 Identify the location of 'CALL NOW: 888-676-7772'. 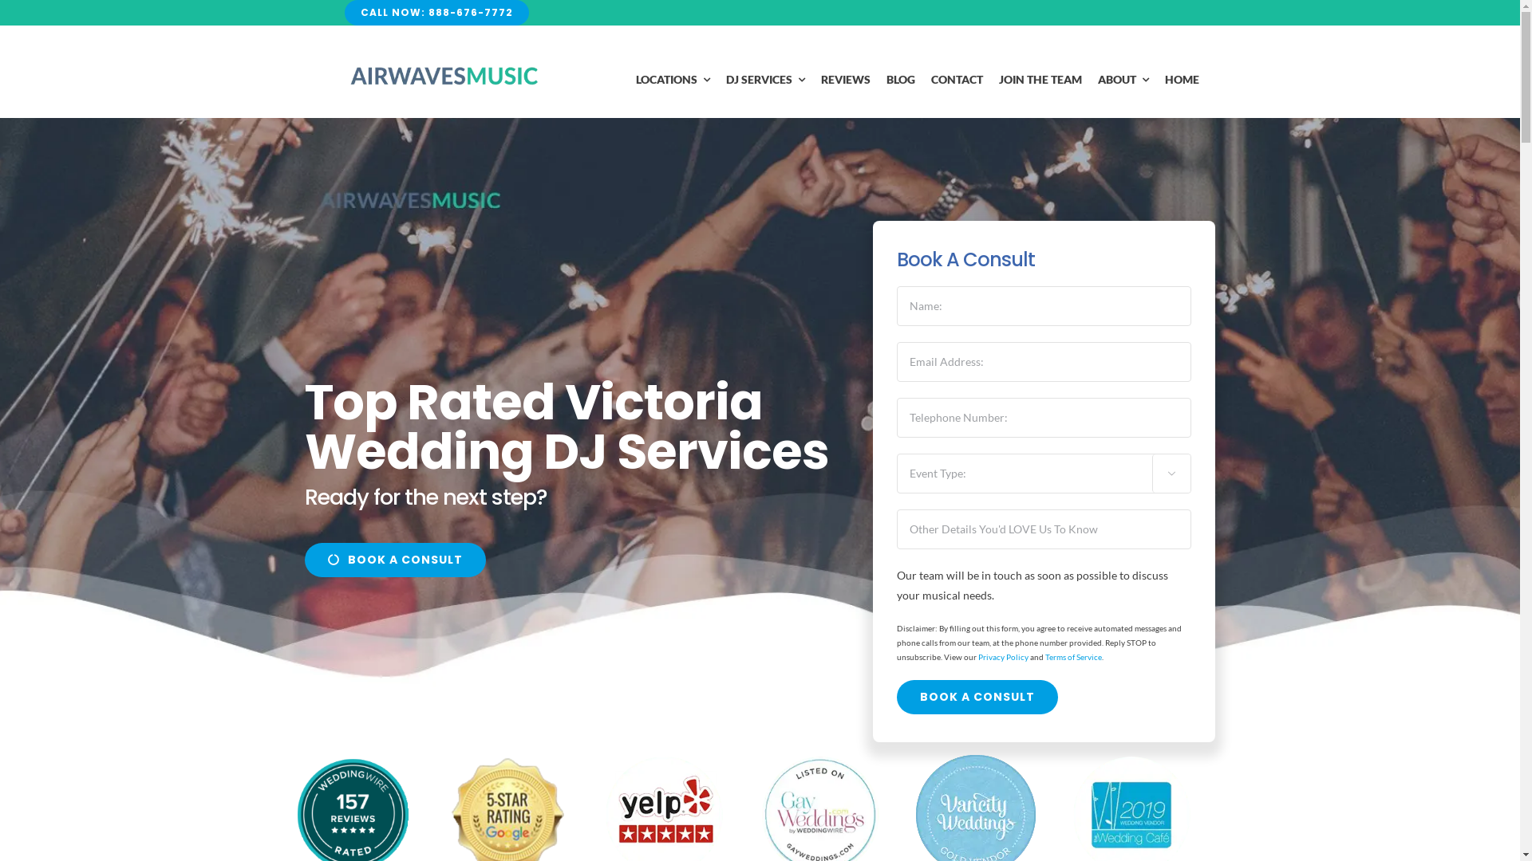
(436, 12).